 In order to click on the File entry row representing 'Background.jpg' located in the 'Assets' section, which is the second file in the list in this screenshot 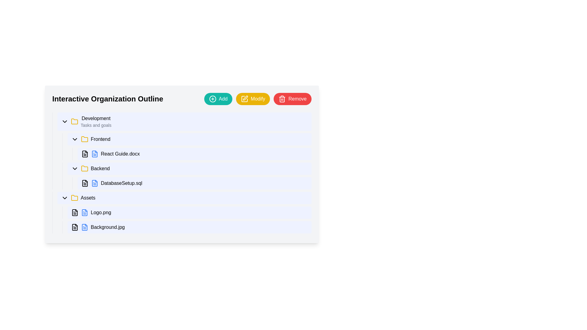, I will do `click(186, 227)`.